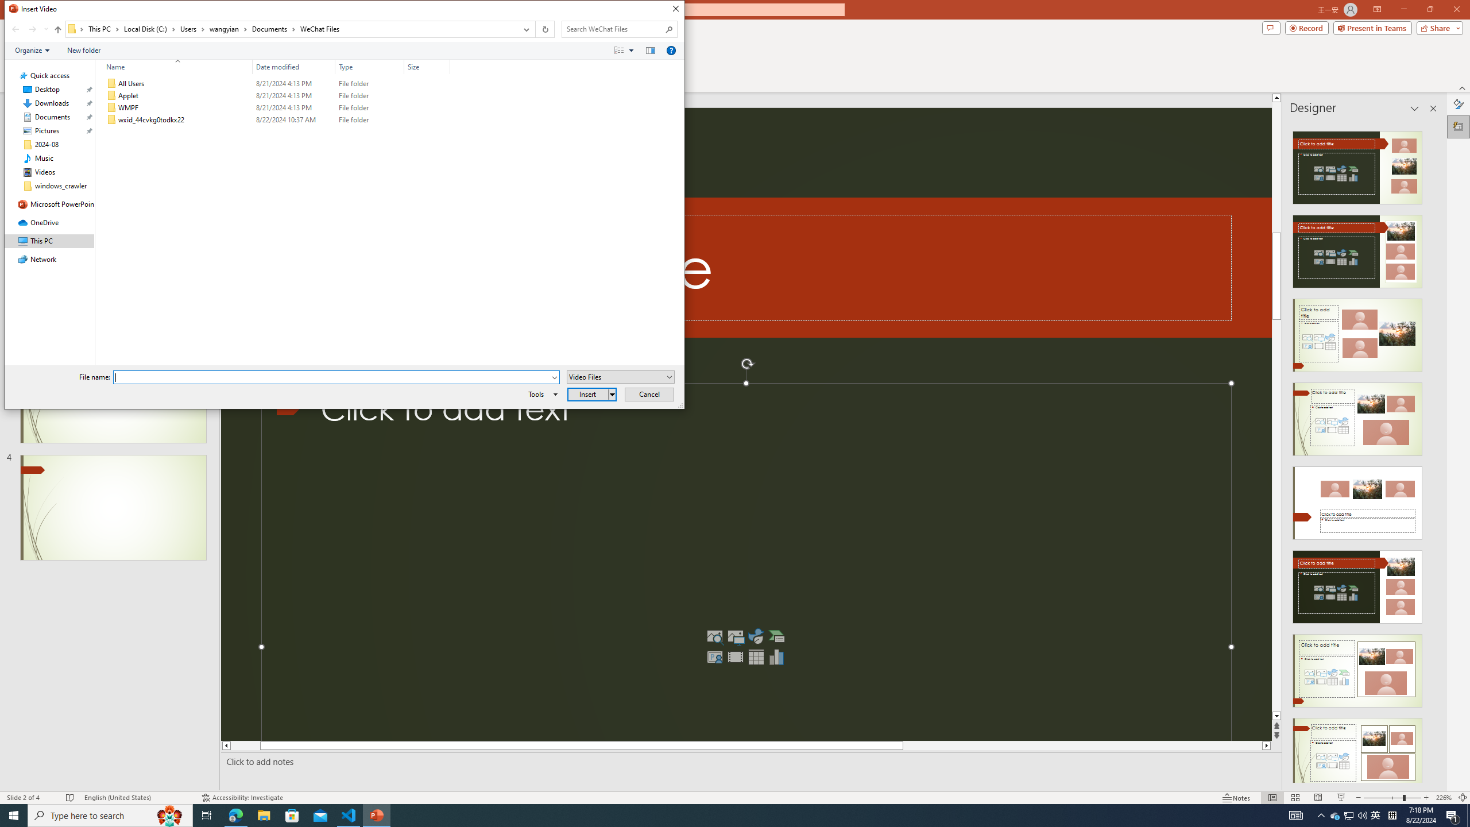  I want to click on 'This PC', so click(103, 28).